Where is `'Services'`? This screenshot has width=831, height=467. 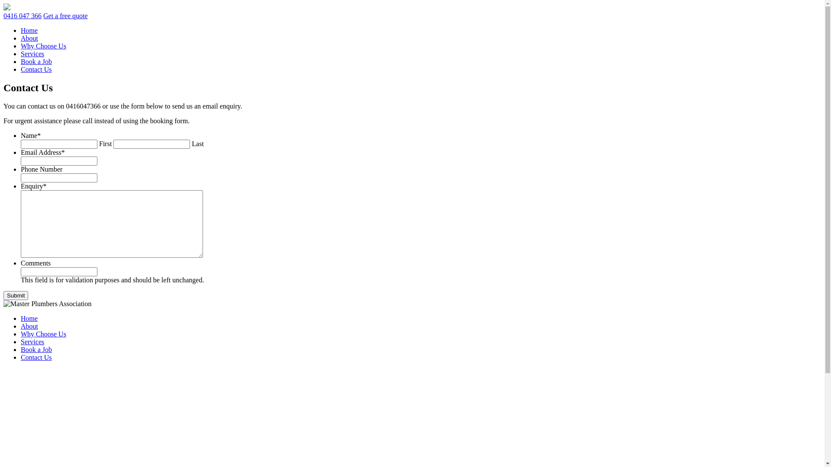
'Services' is located at coordinates (32, 341).